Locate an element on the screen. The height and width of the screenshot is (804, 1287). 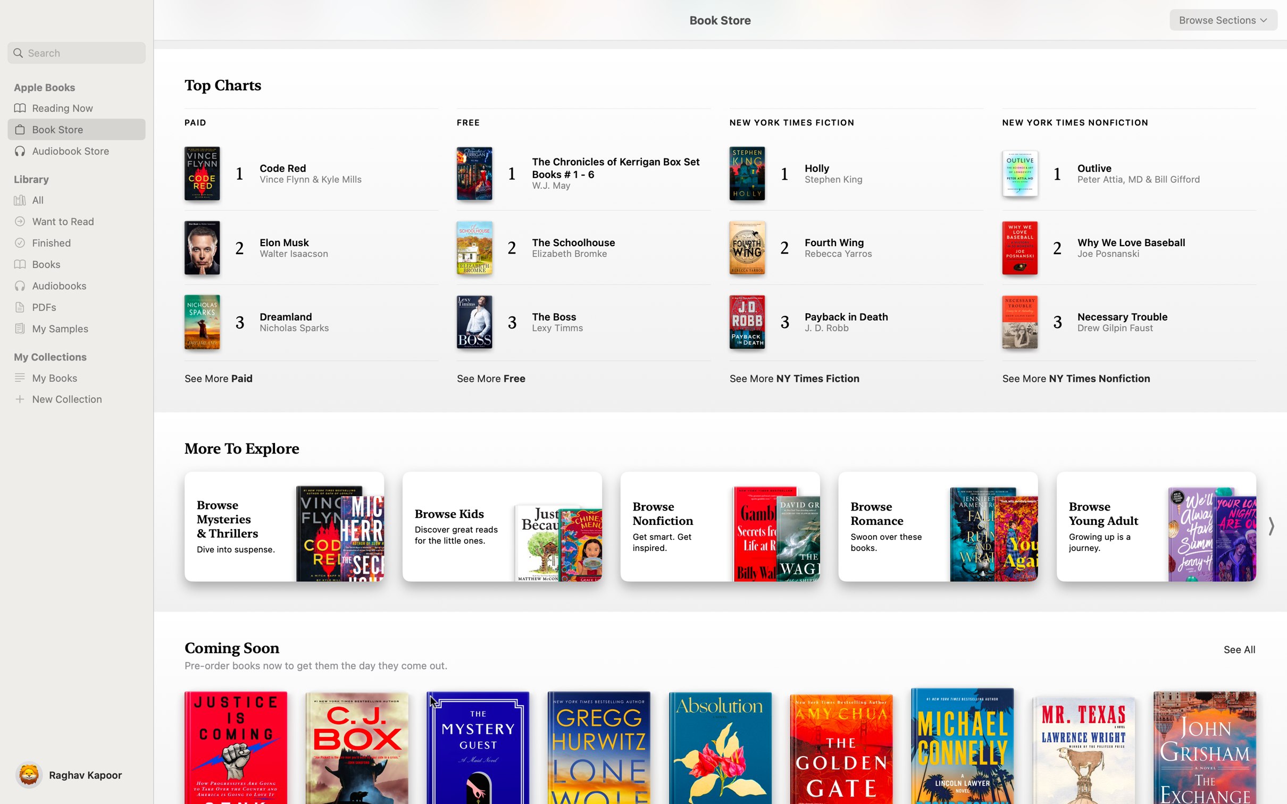
the complete list of top-ranked paid books is located at coordinates (219, 375).